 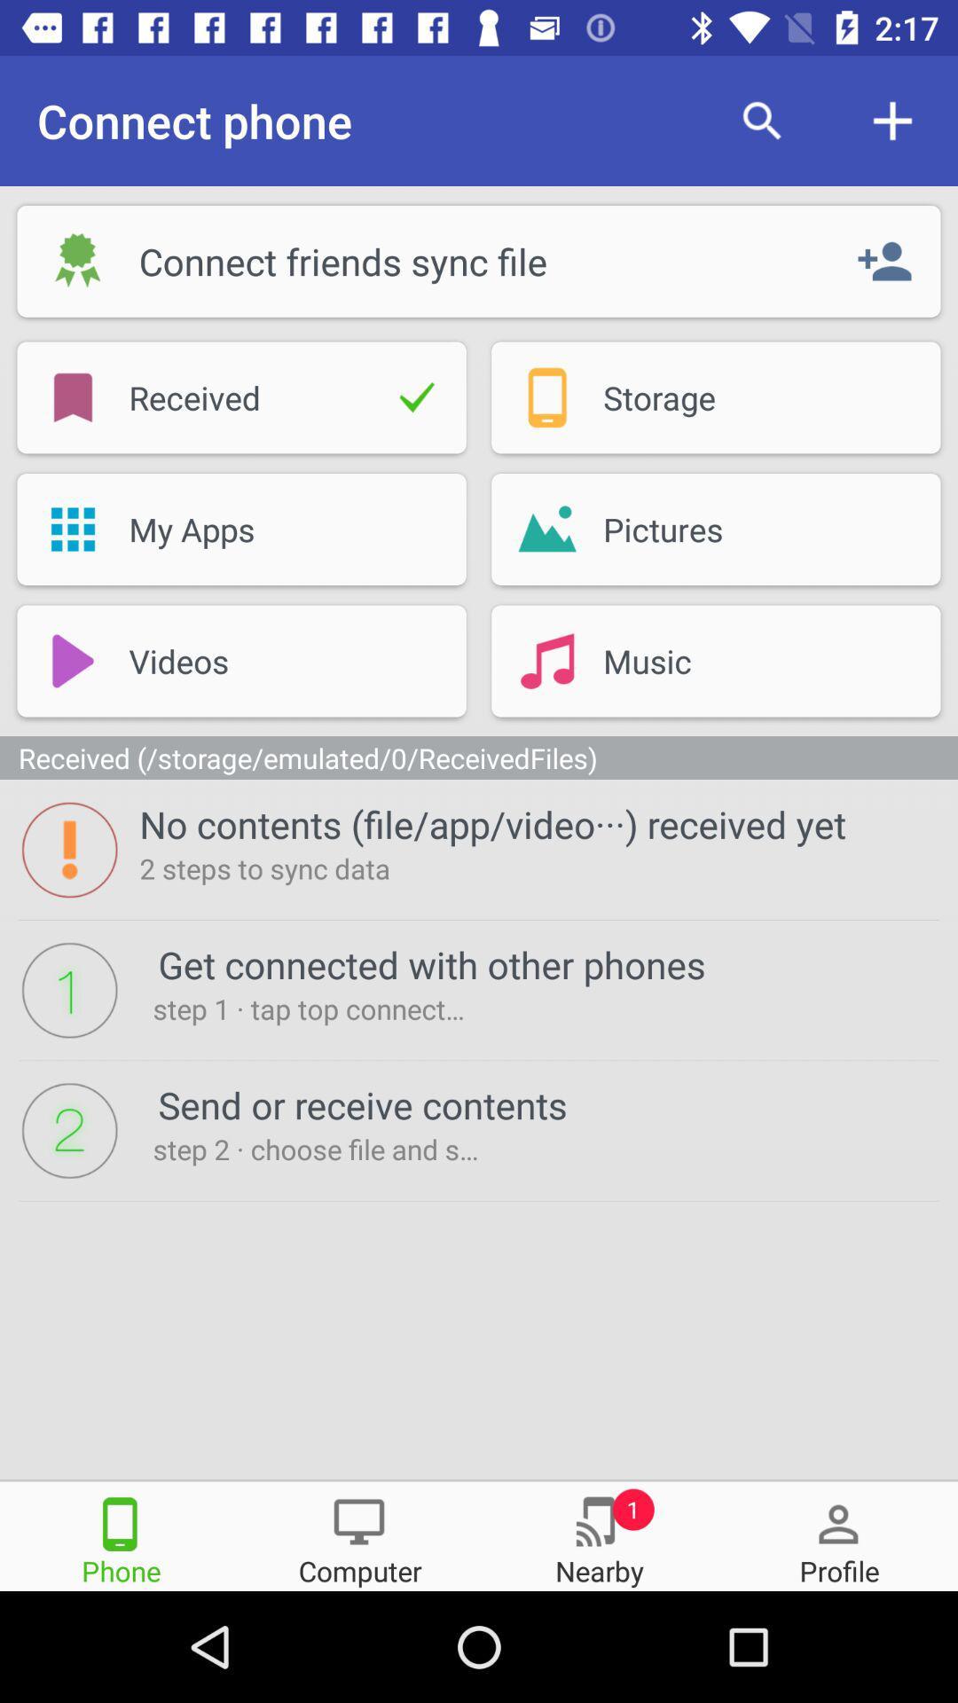 What do you see at coordinates (838, 1534) in the screenshot?
I see `the avatar icon` at bounding box center [838, 1534].